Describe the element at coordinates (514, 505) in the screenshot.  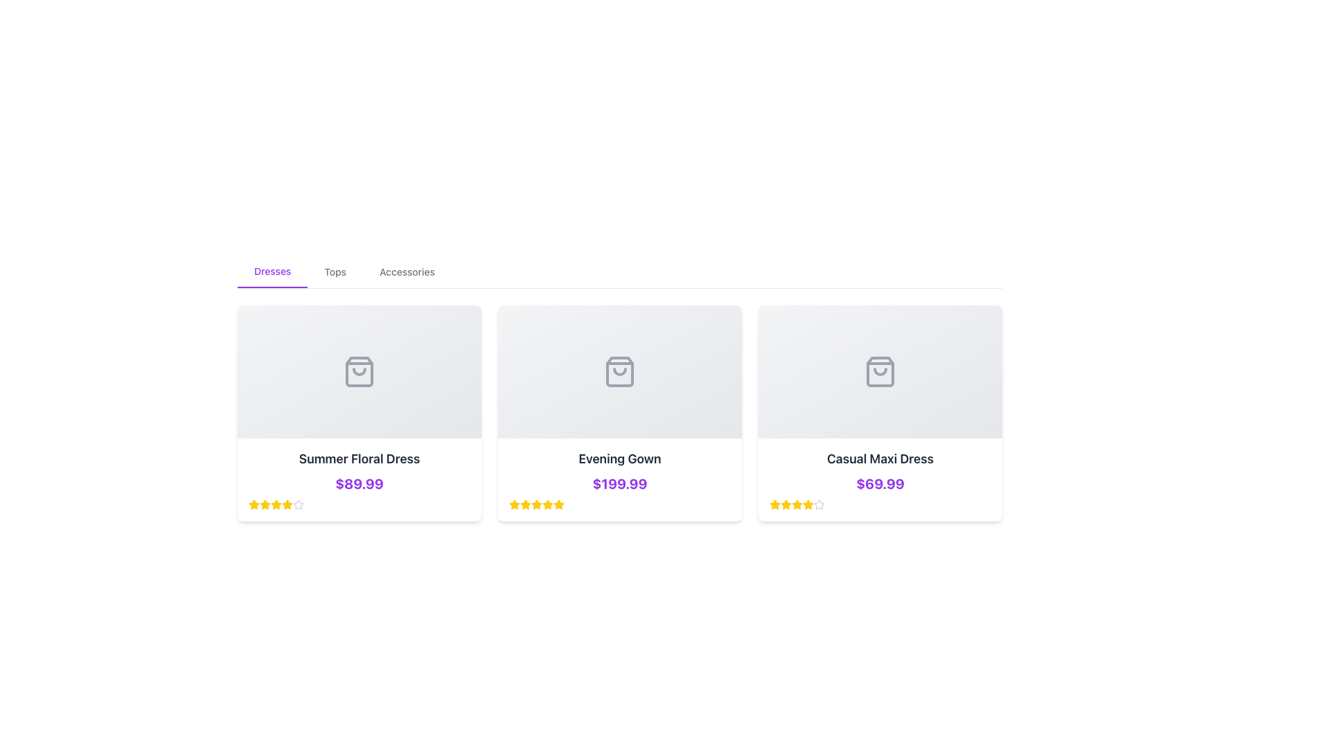
I see `the first yellow star icon in the second rating block under the product tile for 'Evening Gown'` at that location.